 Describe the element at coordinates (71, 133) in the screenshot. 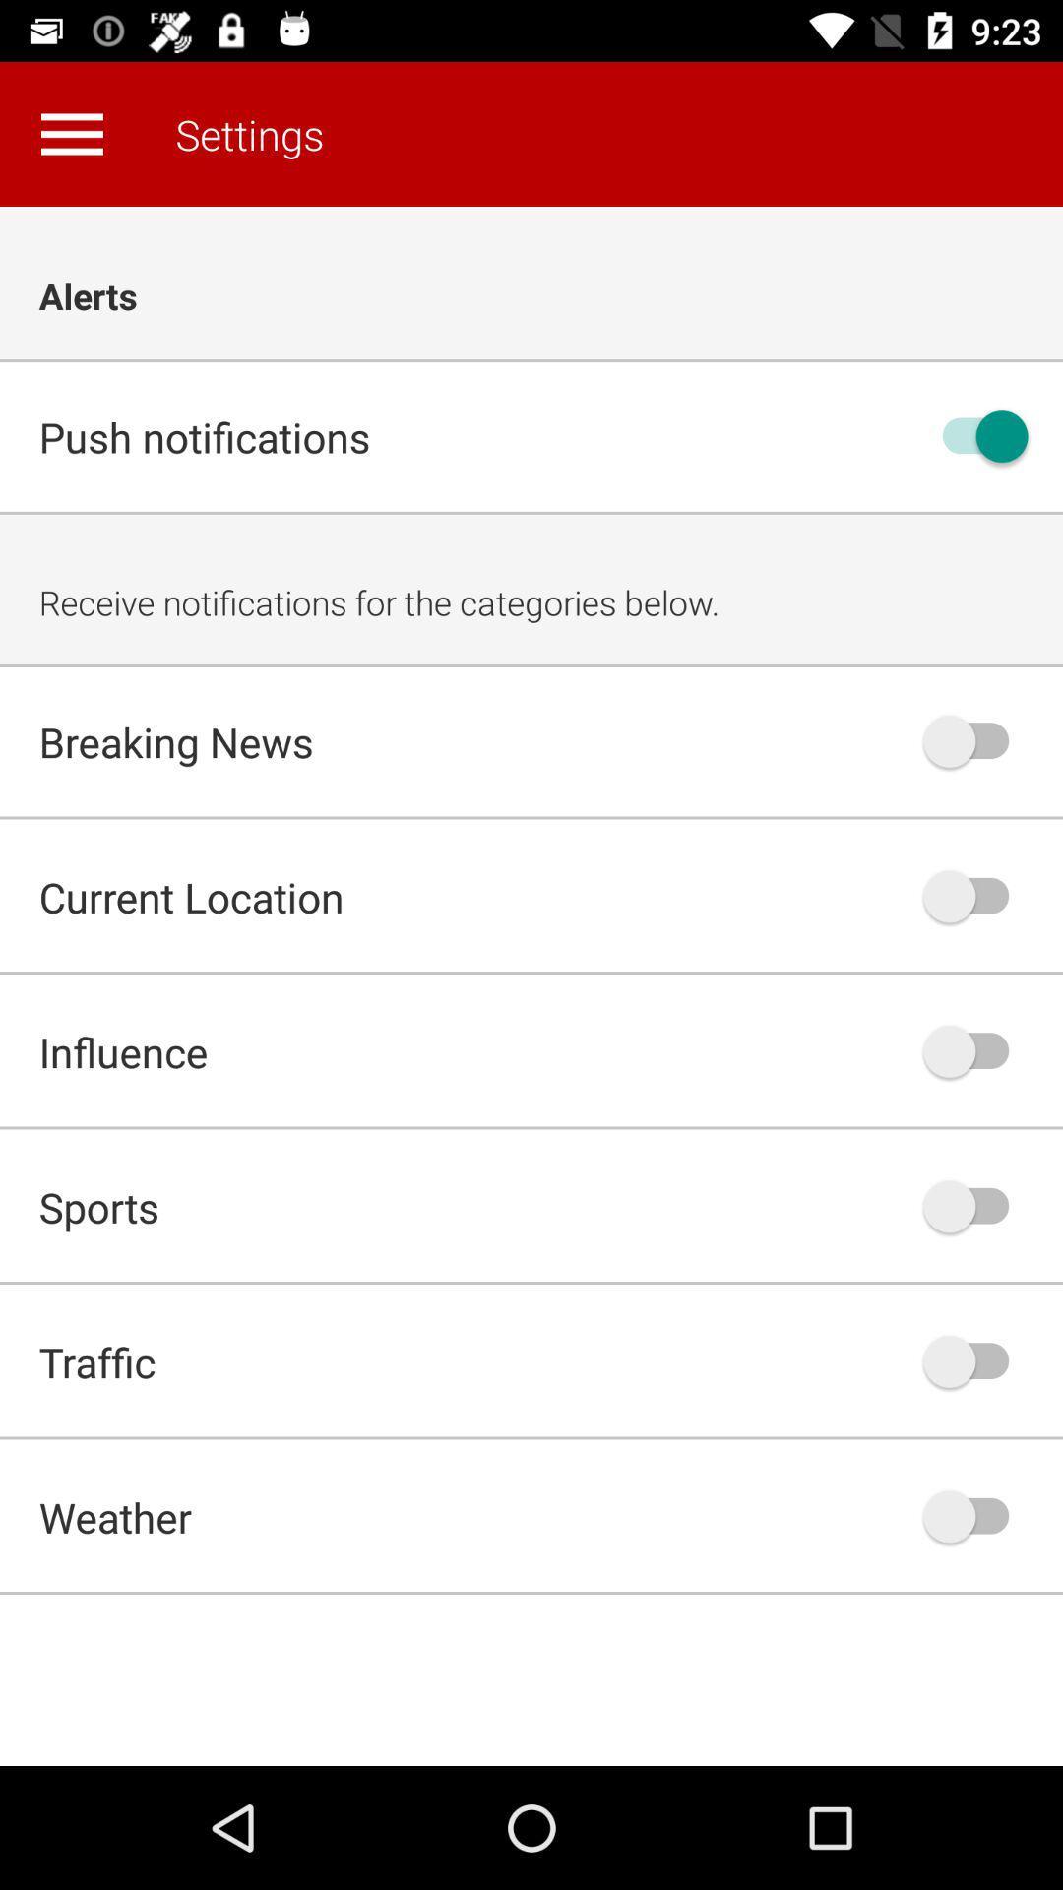

I see `show more app options` at that location.